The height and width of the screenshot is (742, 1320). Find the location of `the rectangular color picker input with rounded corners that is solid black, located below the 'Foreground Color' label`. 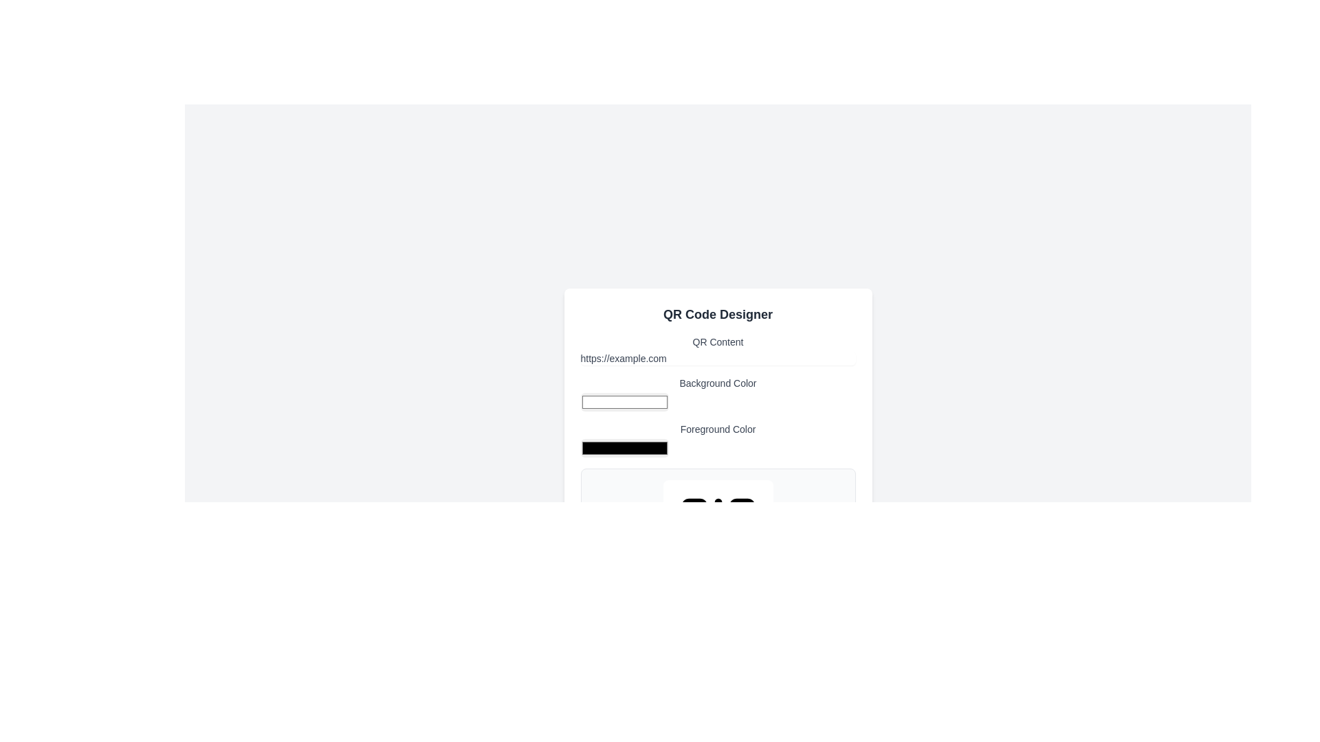

the rectangular color picker input with rounded corners that is solid black, located below the 'Foreground Color' label is located at coordinates (624, 448).